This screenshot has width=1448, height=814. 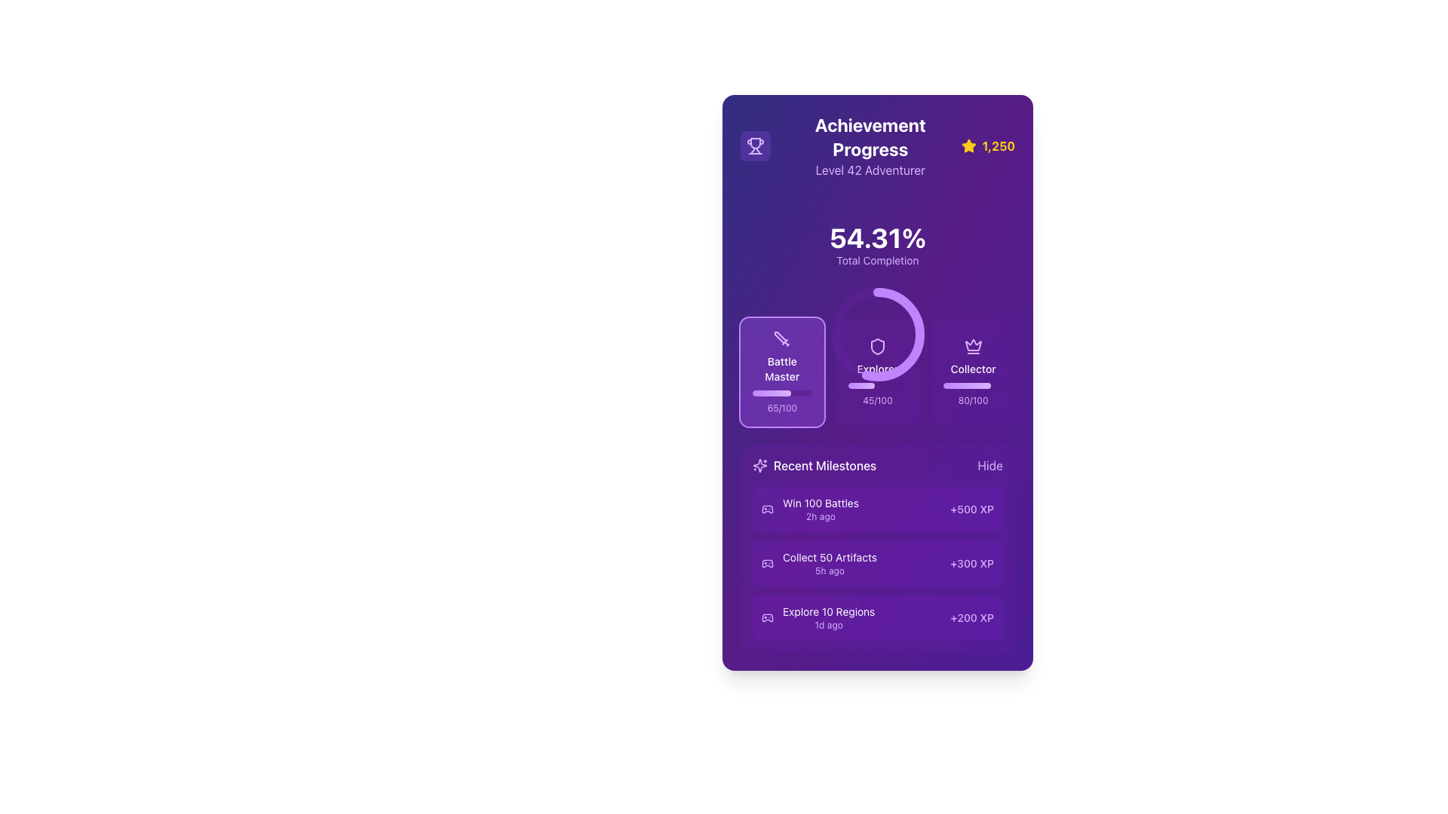 What do you see at coordinates (814, 464) in the screenshot?
I see `text label of the section header located in the upper-central area of the interface, which precedes the 'Hide' element and serves as a title for the milestone section` at bounding box center [814, 464].